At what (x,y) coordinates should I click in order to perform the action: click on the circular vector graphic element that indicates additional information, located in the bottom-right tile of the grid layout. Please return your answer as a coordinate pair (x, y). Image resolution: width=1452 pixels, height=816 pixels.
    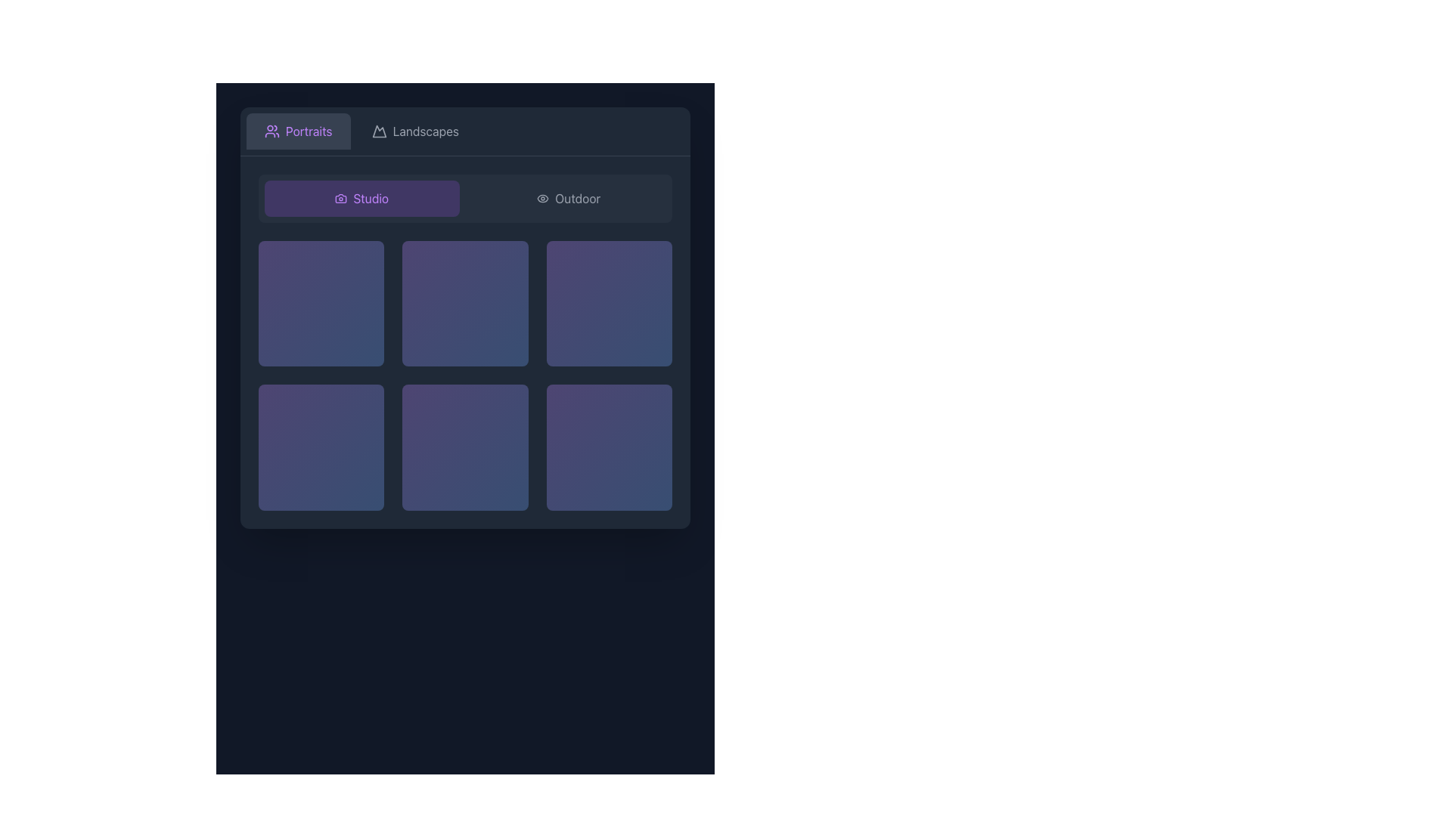
    Looking at the image, I should click on (653, 490).